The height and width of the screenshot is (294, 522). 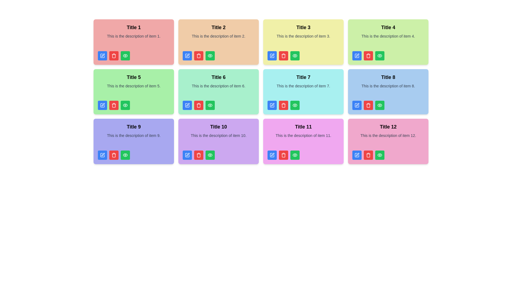 I want to click on the delete button located in the bottom-left corner of the item card titled 'Title 5', which is the middle button between the blue edit button and the green view button, so click(x=113, y=105).